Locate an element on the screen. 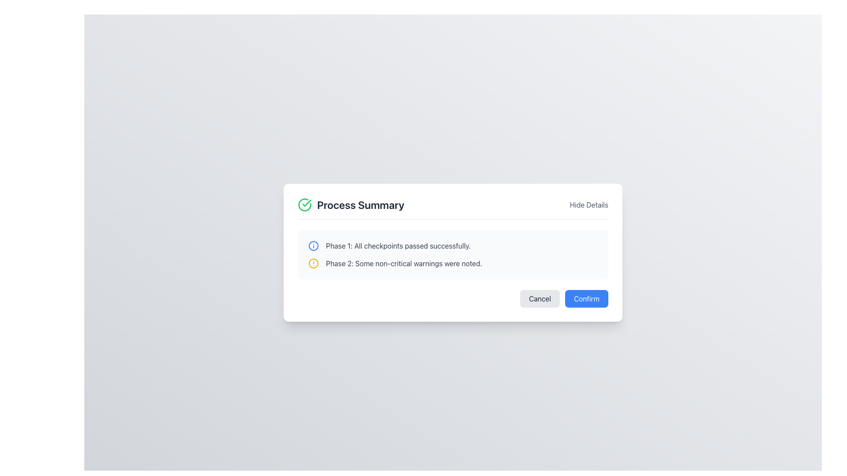  the 'Process Summary' text label is located at coordinates (360, 205).